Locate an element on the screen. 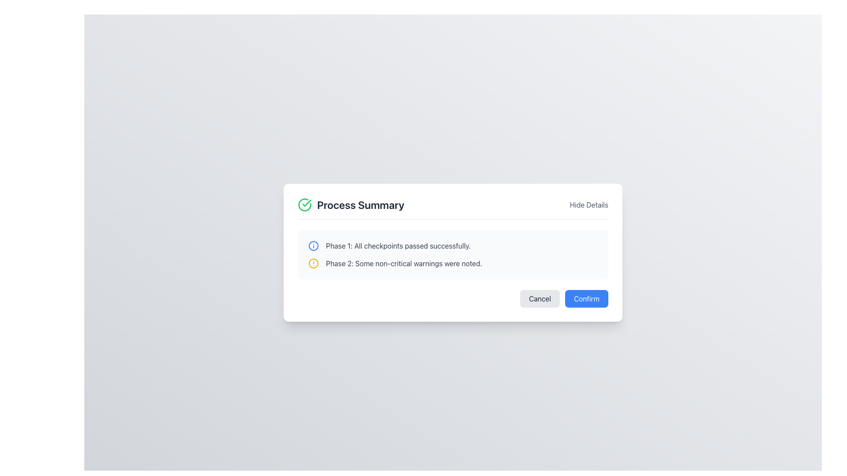  the 'Process Summary' text label is located at coordinates (360, 205).